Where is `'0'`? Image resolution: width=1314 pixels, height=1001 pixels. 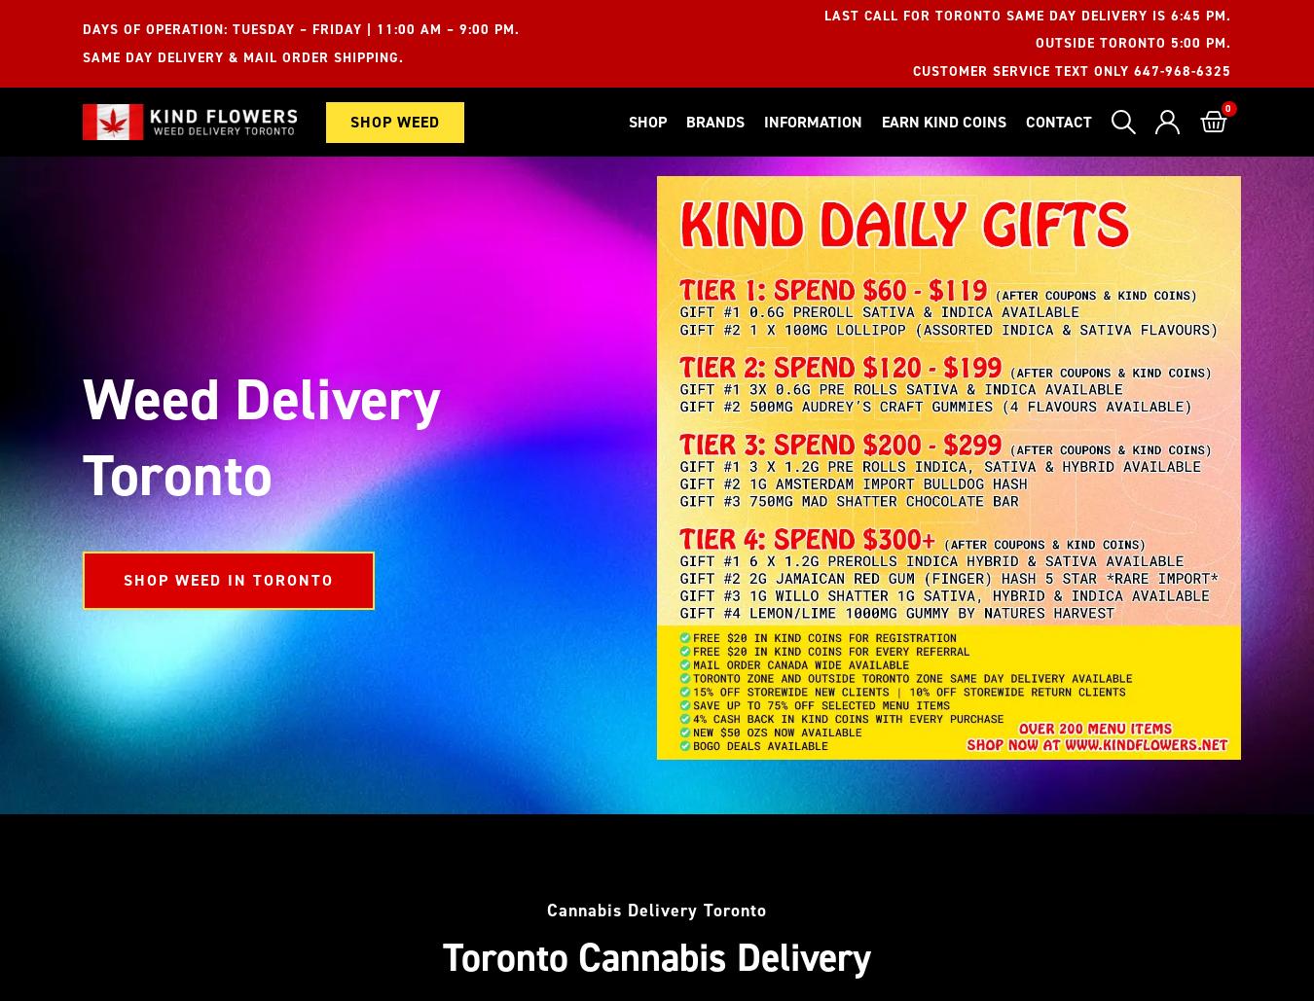 '0' is located at coordinates (1229, 107).